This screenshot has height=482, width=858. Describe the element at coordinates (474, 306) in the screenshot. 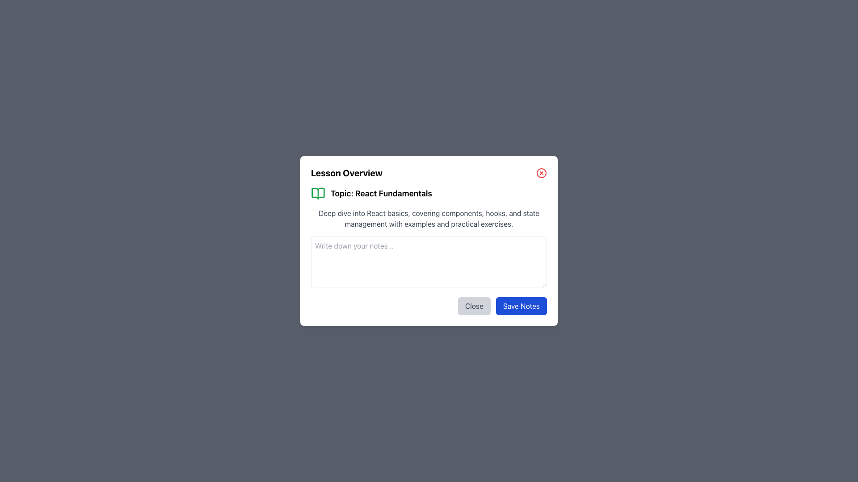

I see `the close button located at the bottom-right of the modal window` at that location.